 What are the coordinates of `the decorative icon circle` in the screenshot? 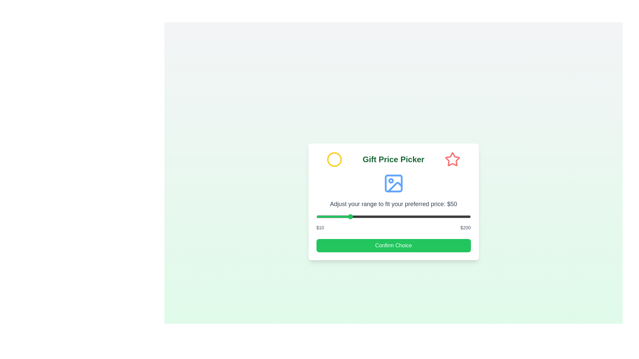 It's located at (334, 159).